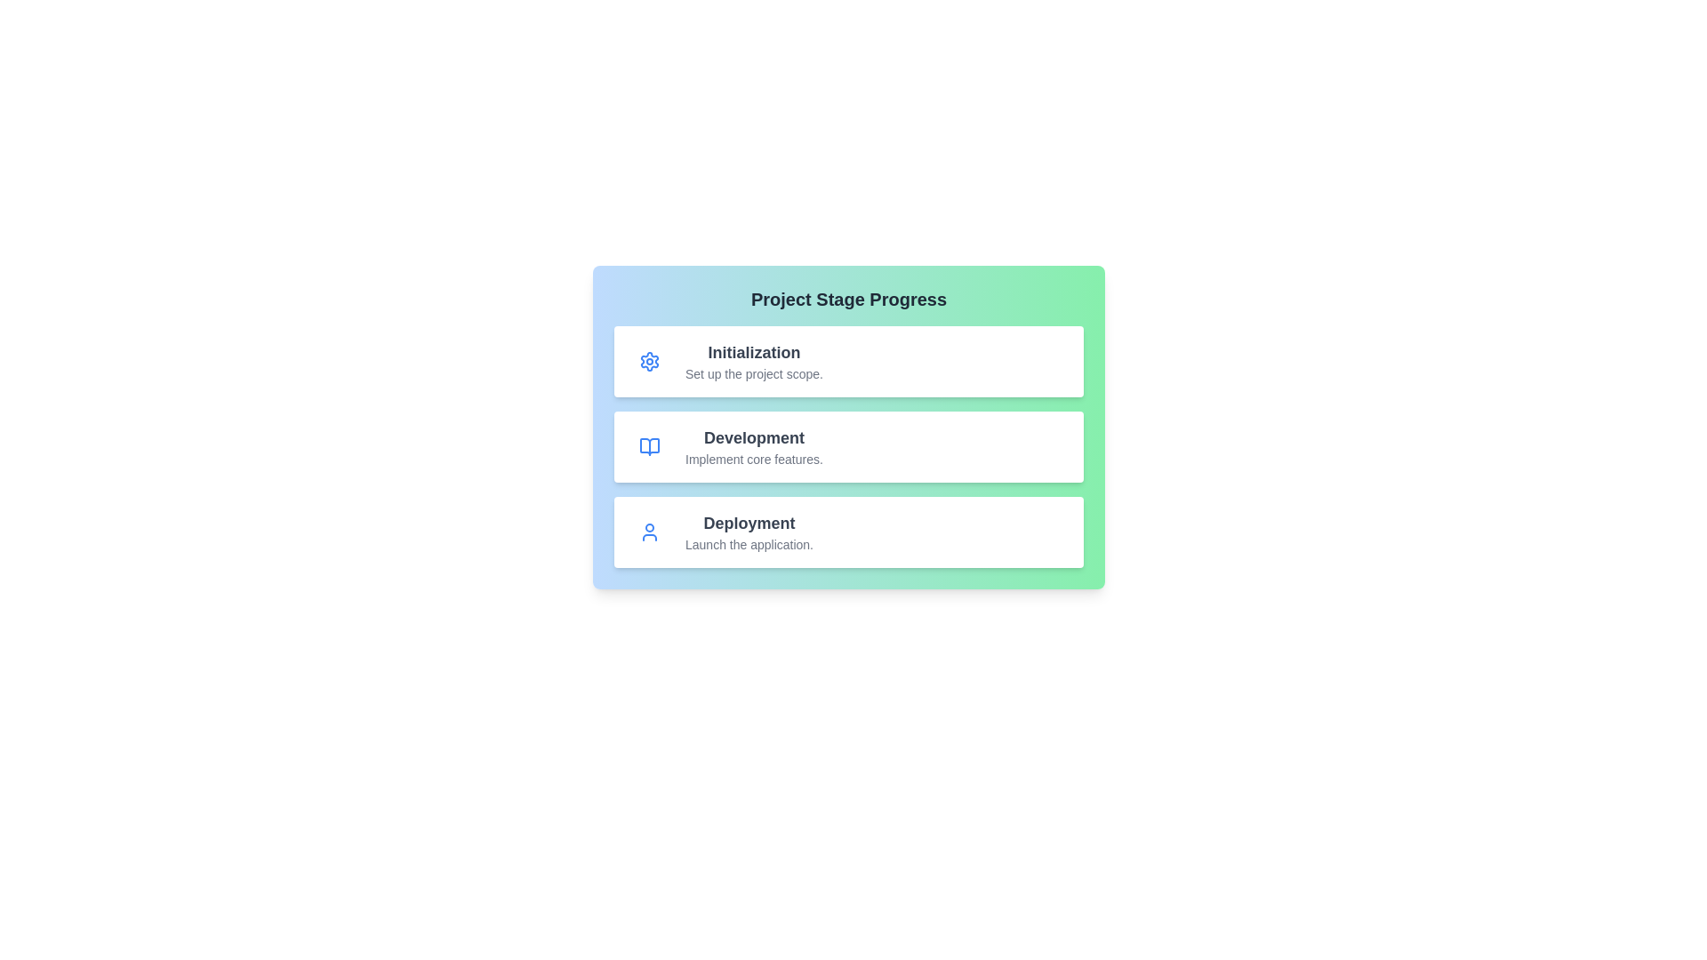  What do you see at coordinates (754, 445) in the screenshot?
I see `the text element that reads 'Development' in bold, located within a white card, which is the second card in a vertical sequence` at bounding box center [754, 445].